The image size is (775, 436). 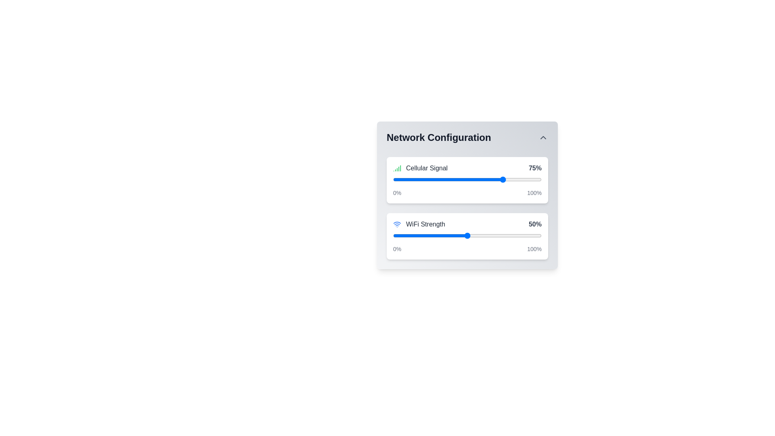 What do you see at coordinates (535, 224) in the screenshot?
I see `the WiFi strength text label that displays the current connectivity percentage` at bounding box center [535, 224].